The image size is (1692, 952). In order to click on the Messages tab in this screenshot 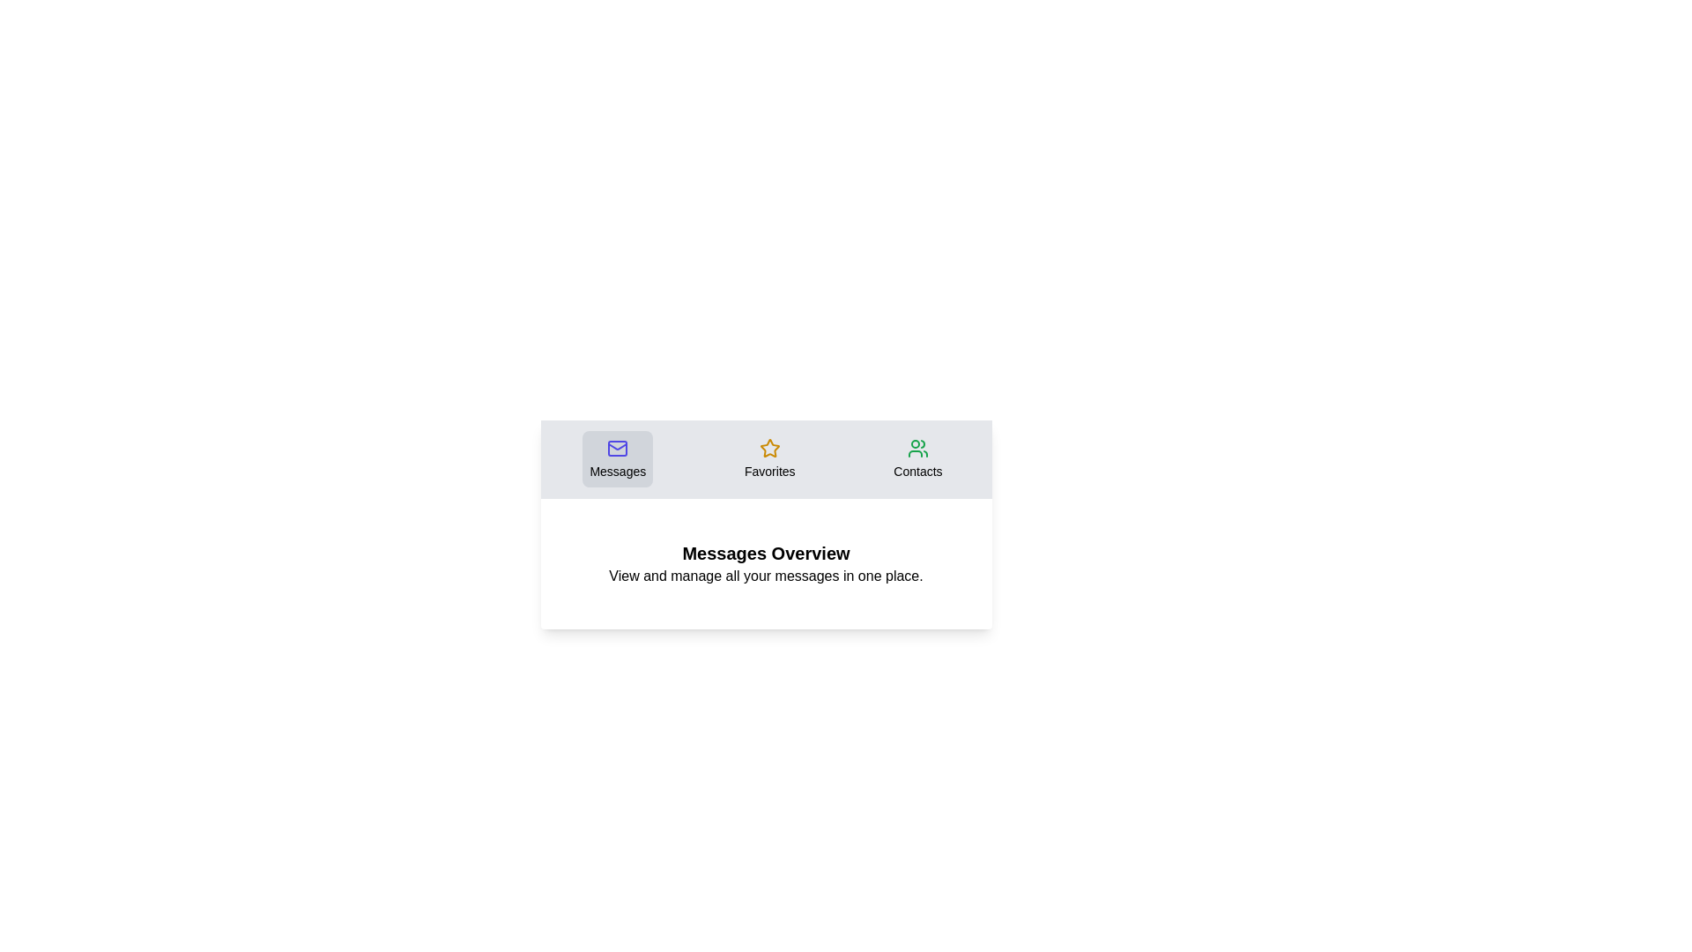, I will do `click(618, 457)`.